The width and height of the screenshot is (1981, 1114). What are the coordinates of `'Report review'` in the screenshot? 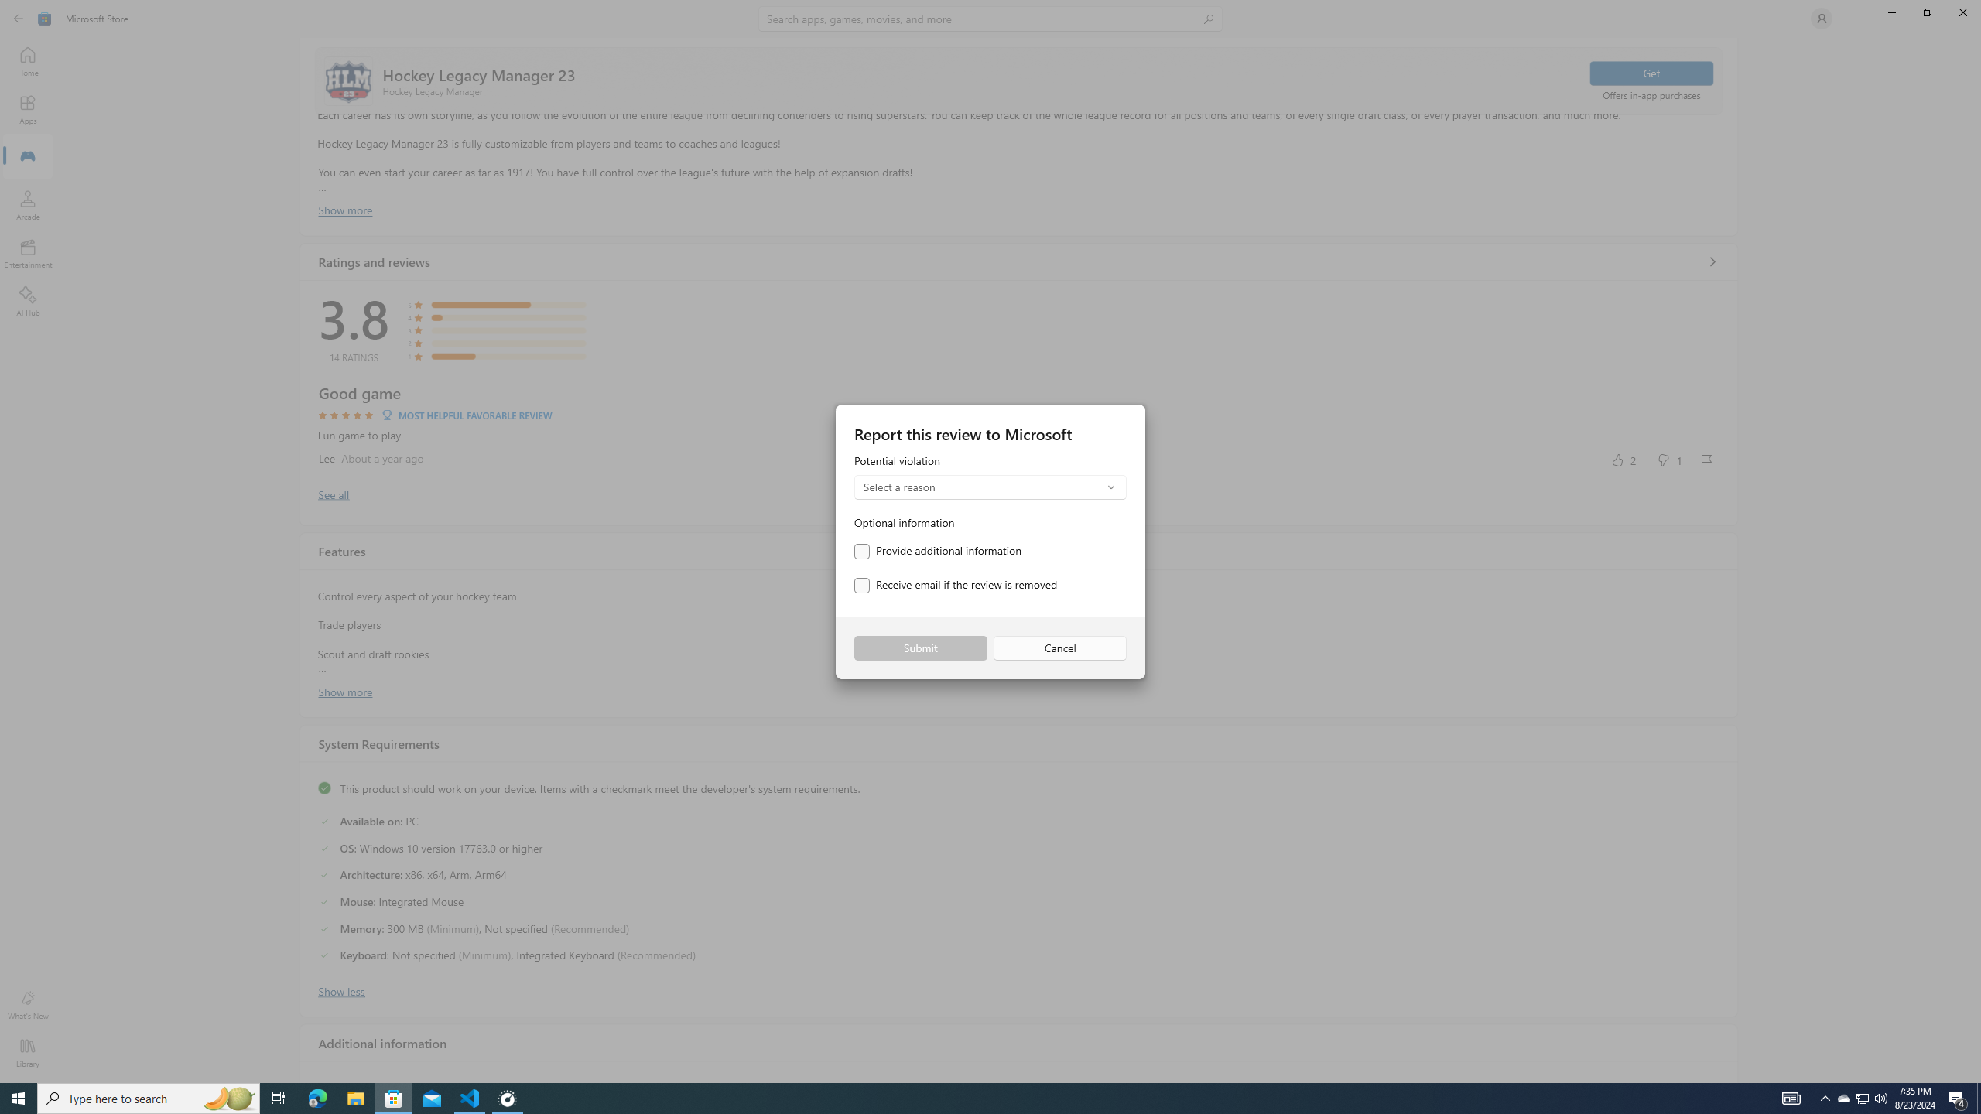 It's located at (1706, 459).